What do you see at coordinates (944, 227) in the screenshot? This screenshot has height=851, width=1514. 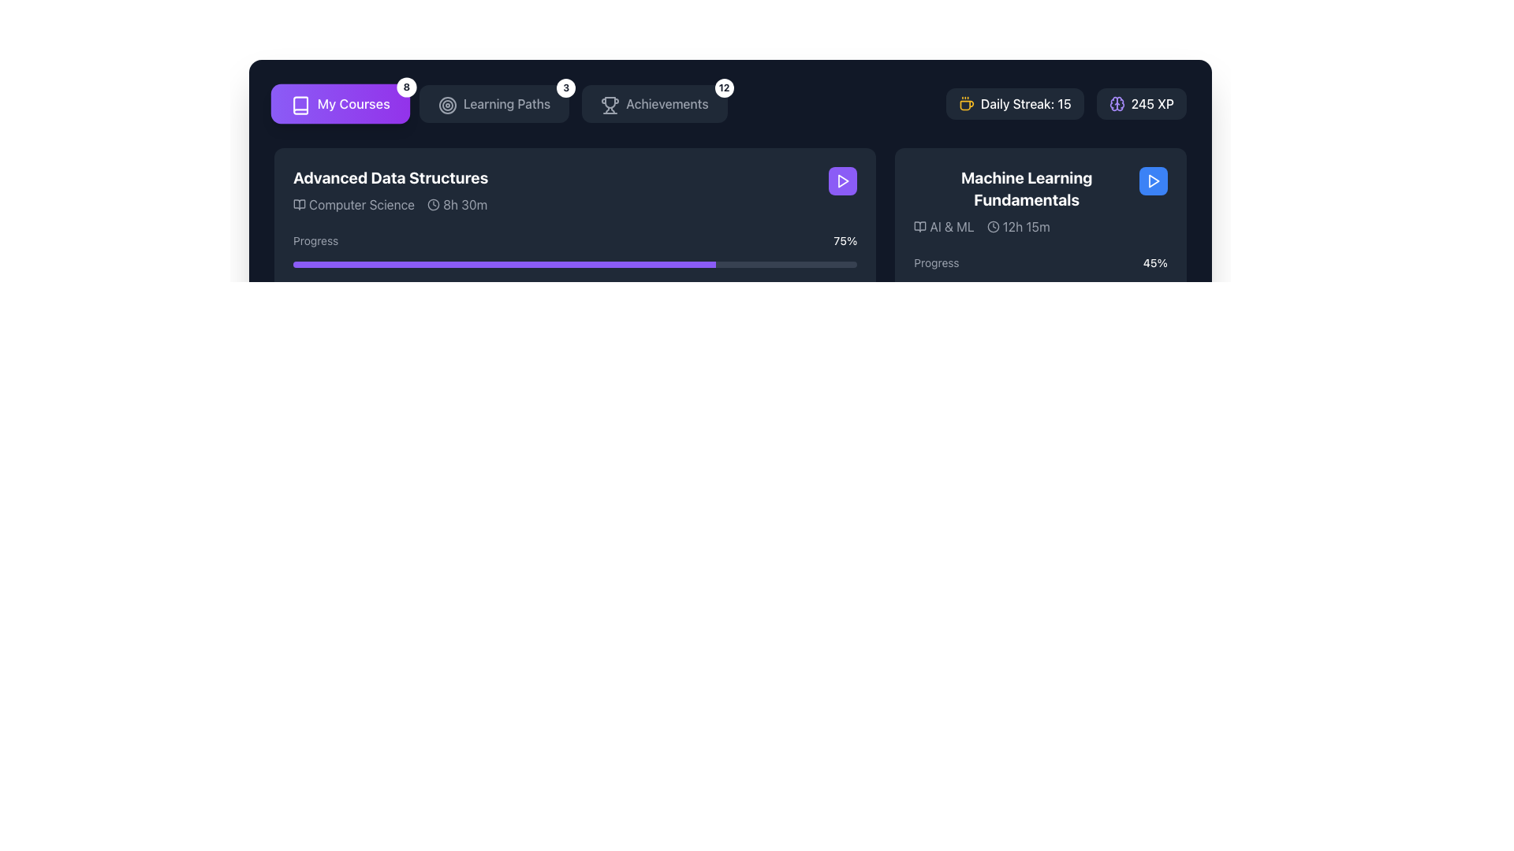 I see `the label indicating the course category 'Machine Learning Fundamentals', which is located to the left of the '12h 15m' text and above the progress indicator` at bounding box center [944, 227].